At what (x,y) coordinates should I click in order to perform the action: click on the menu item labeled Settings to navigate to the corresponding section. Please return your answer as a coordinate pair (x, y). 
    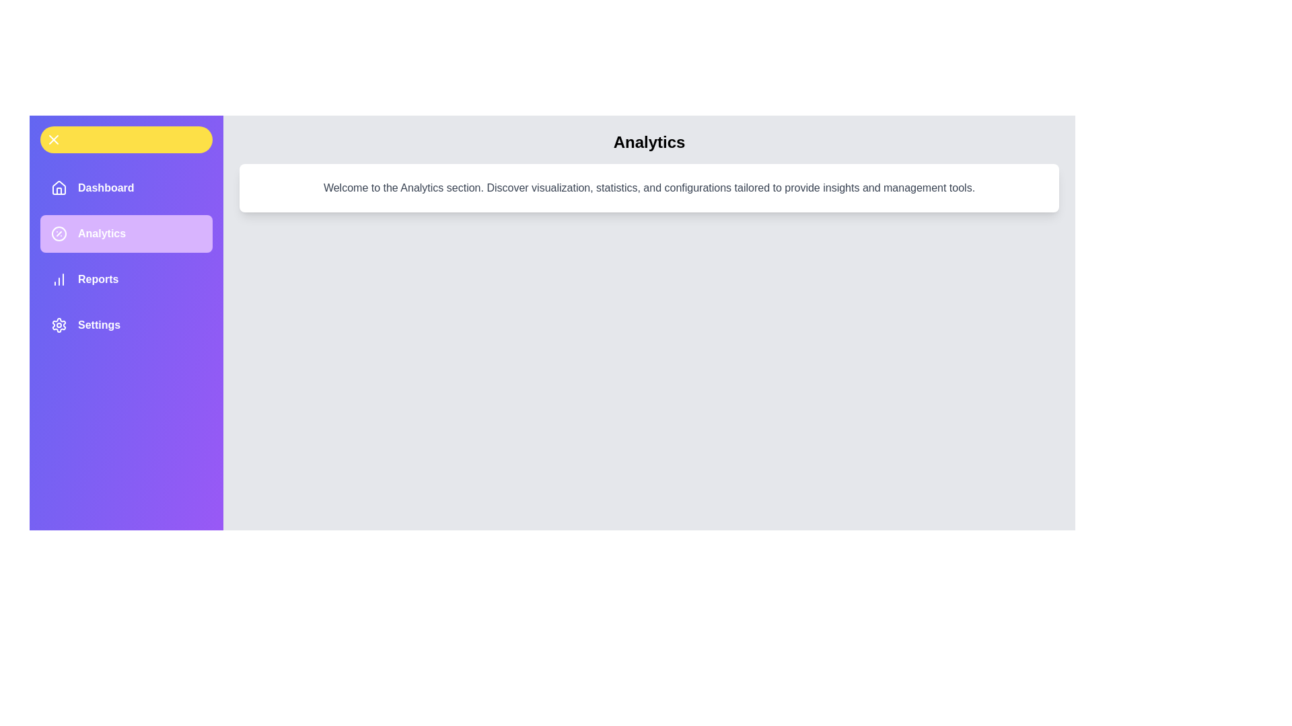
    Looking at the image, I should click on (126, 325).